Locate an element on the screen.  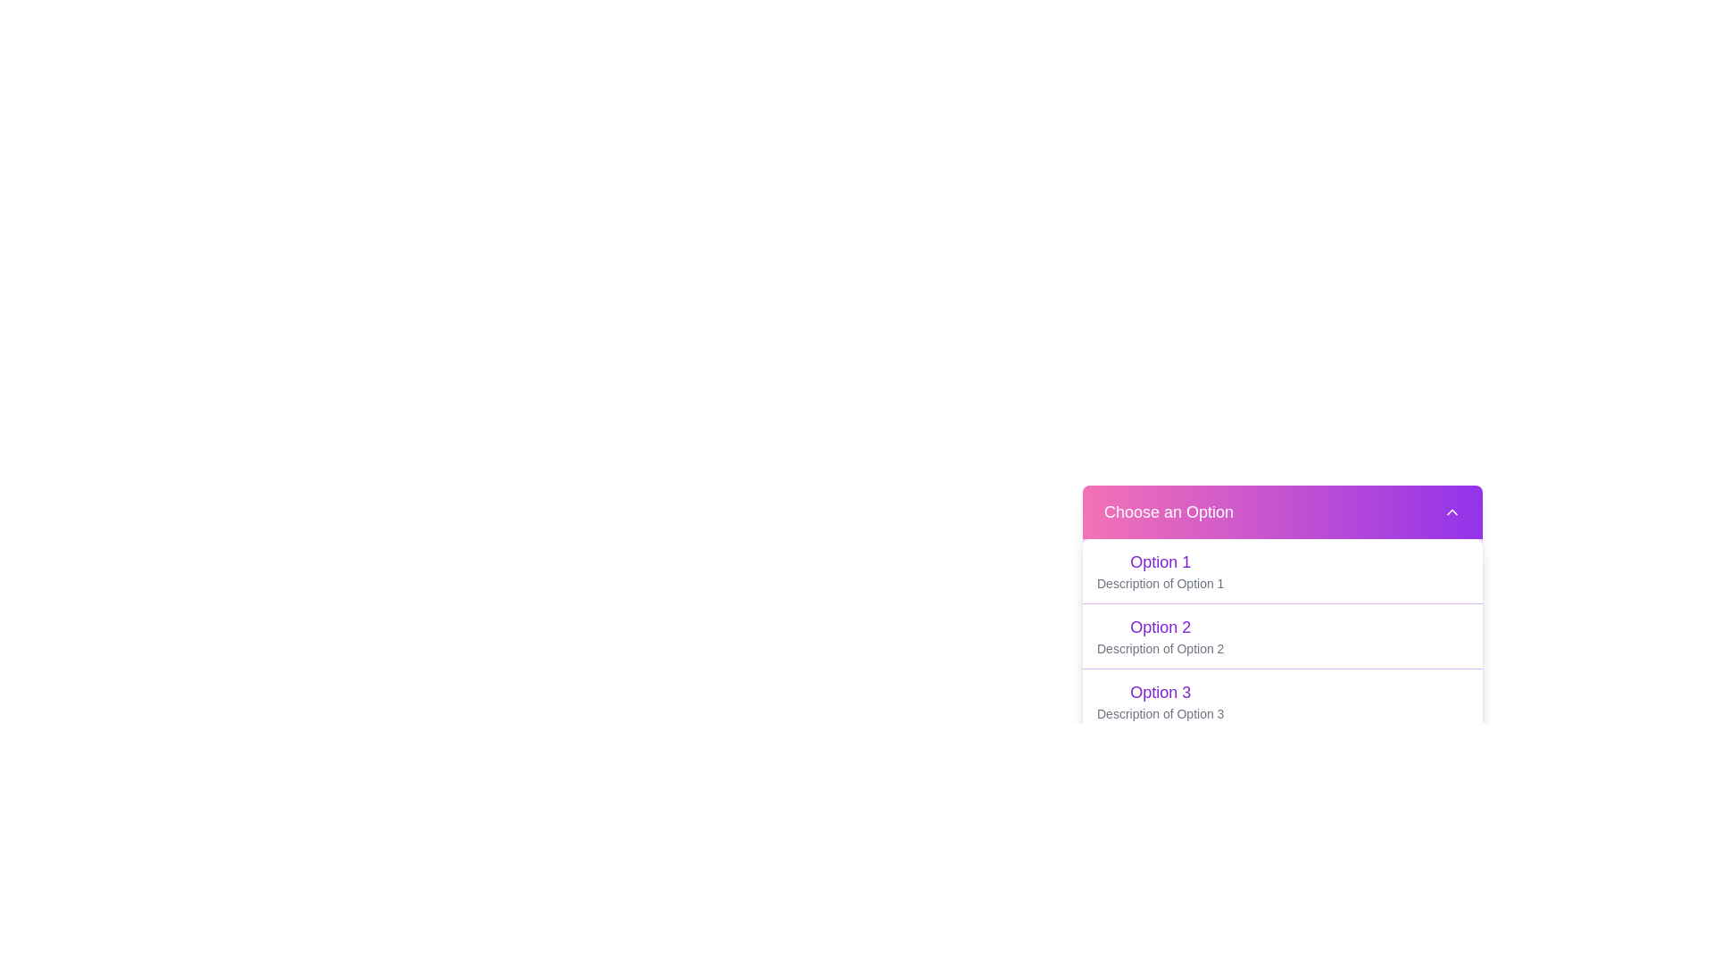
the text label 'Option 2' displayed prominently in purple within the dropdown menu, which is styled with a larger bold sans-serif font is located at coordinates (1161, 626).